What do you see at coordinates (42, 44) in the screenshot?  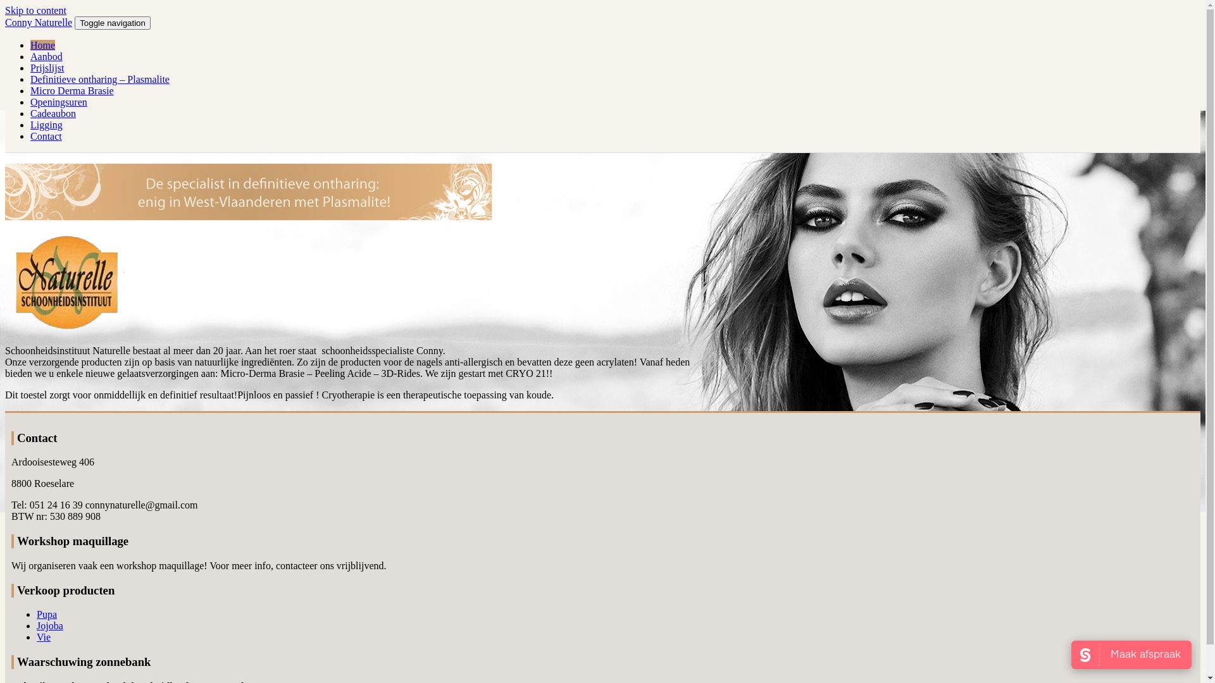 I see `'Home'` at bounding box center [42, 44].